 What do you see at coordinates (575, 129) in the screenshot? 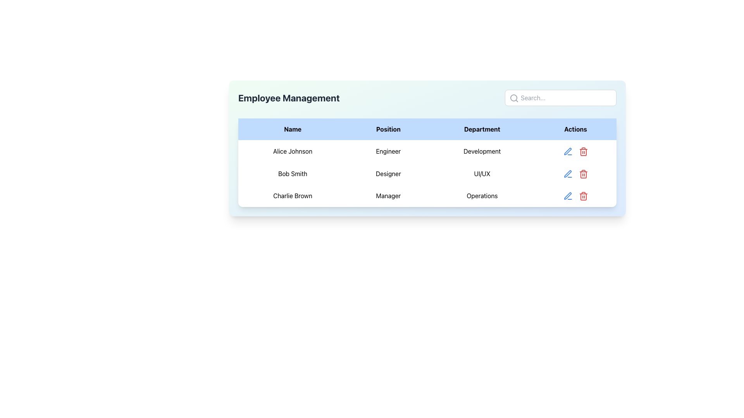
I see `the 'Actions' text label, which is the last header in the table row, to sort the column if sorting is enabled` at bounding box center [575, 129].